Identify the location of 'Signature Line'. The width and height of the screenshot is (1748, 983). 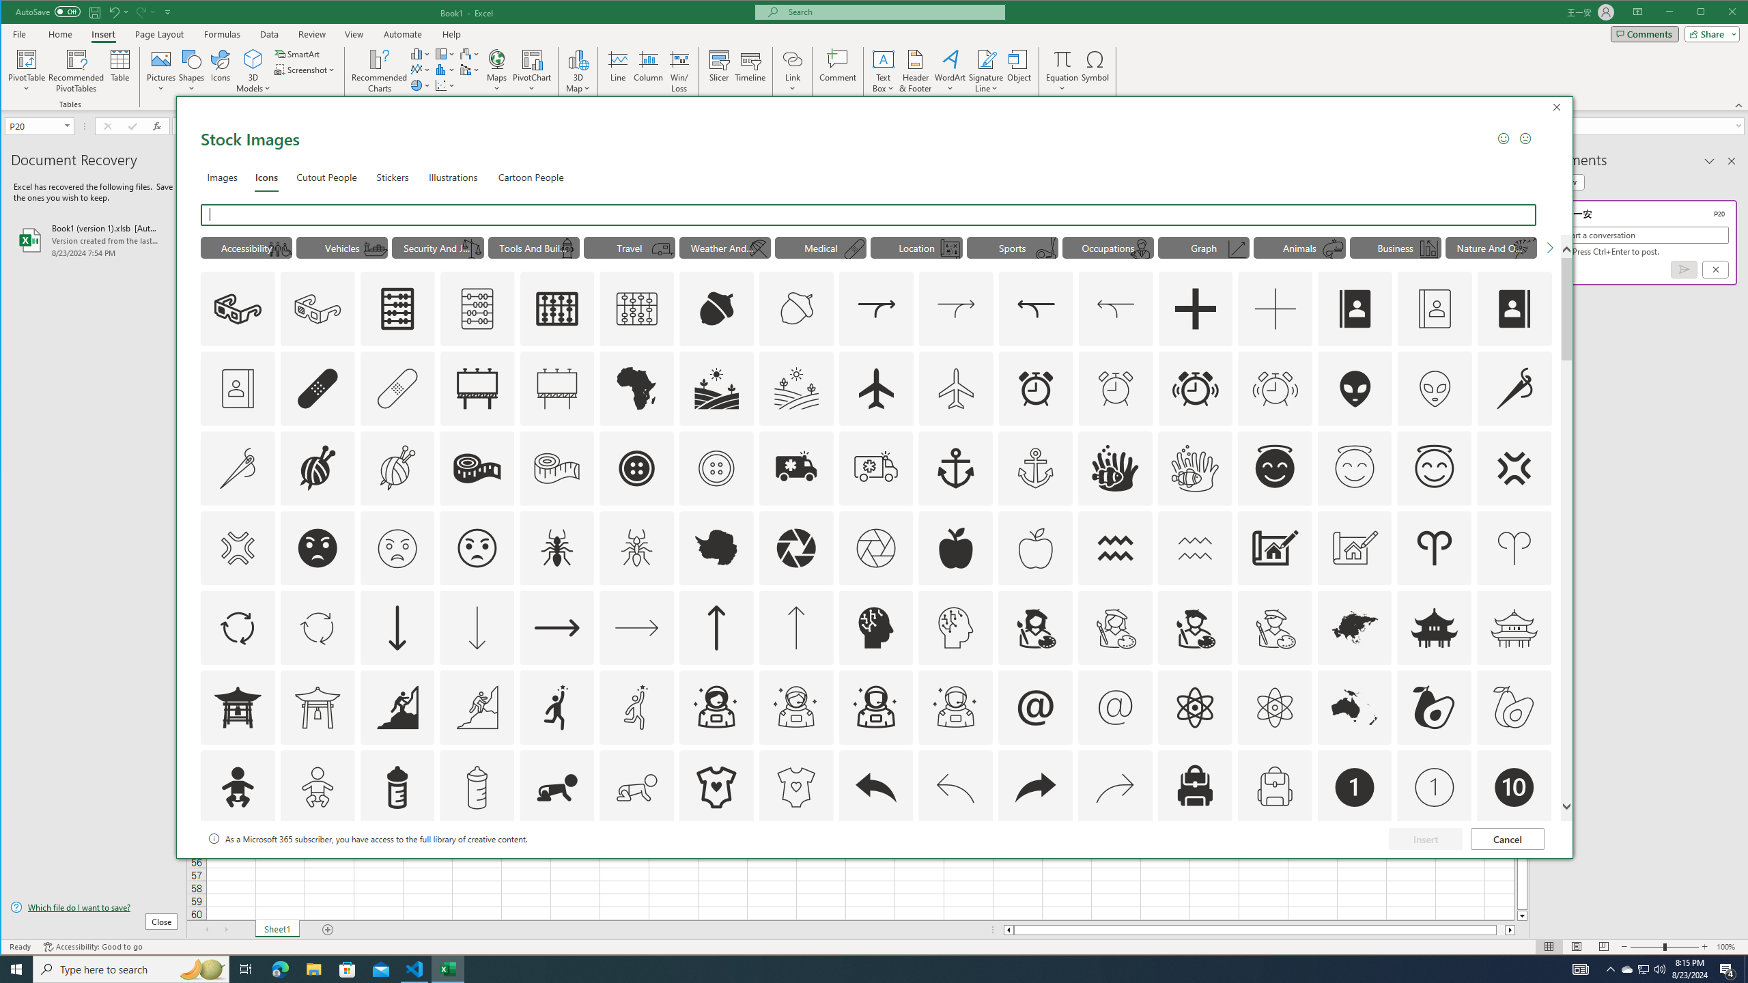
(986, 70).